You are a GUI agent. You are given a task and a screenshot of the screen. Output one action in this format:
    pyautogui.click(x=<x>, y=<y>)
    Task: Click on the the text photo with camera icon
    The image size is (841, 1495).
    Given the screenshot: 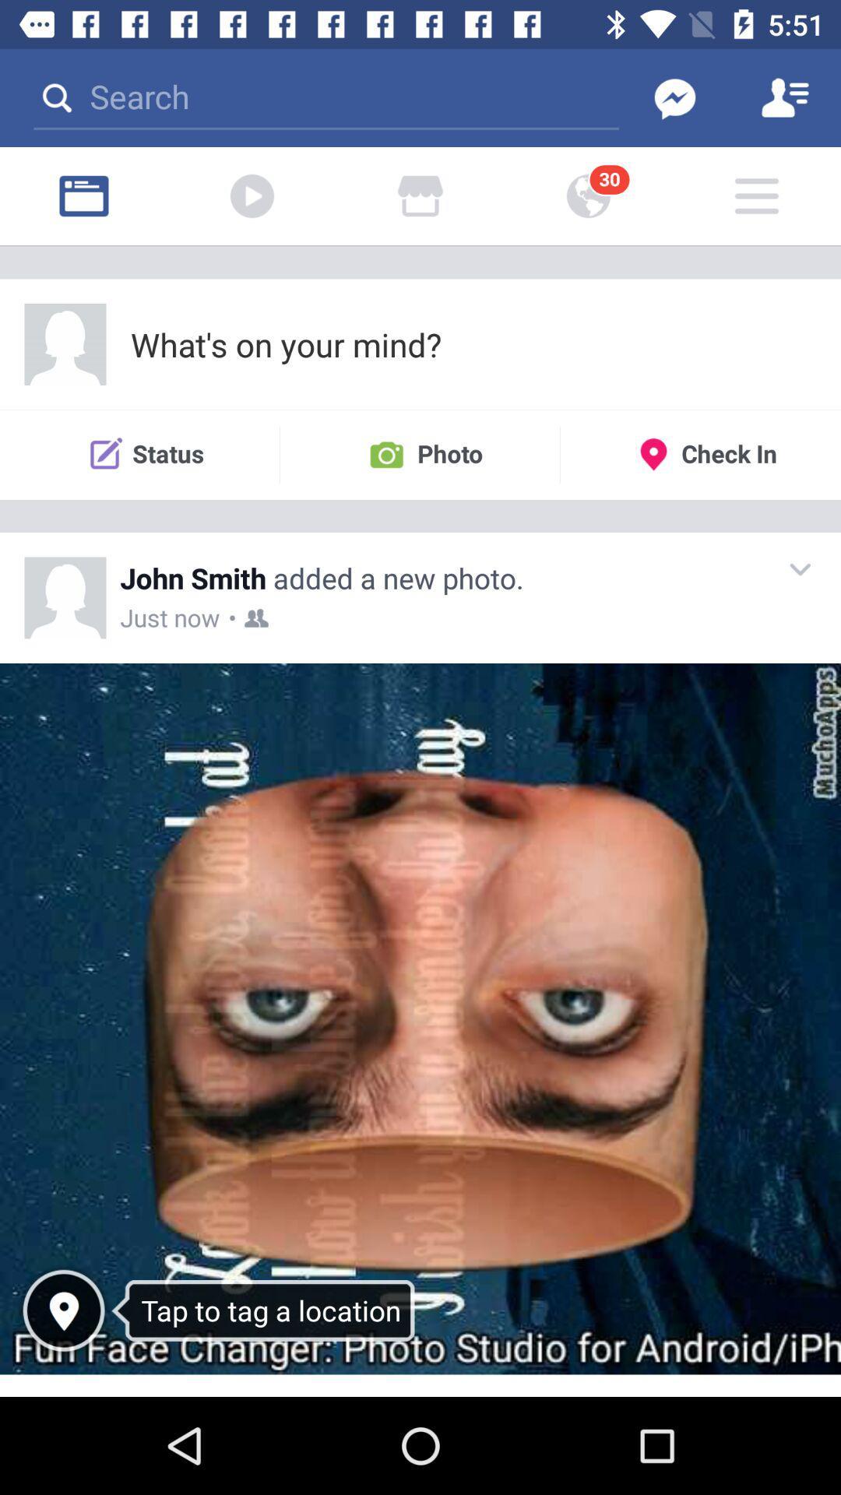 What is the action you would take?
    pyautogui.click(x=419, y=454)
    